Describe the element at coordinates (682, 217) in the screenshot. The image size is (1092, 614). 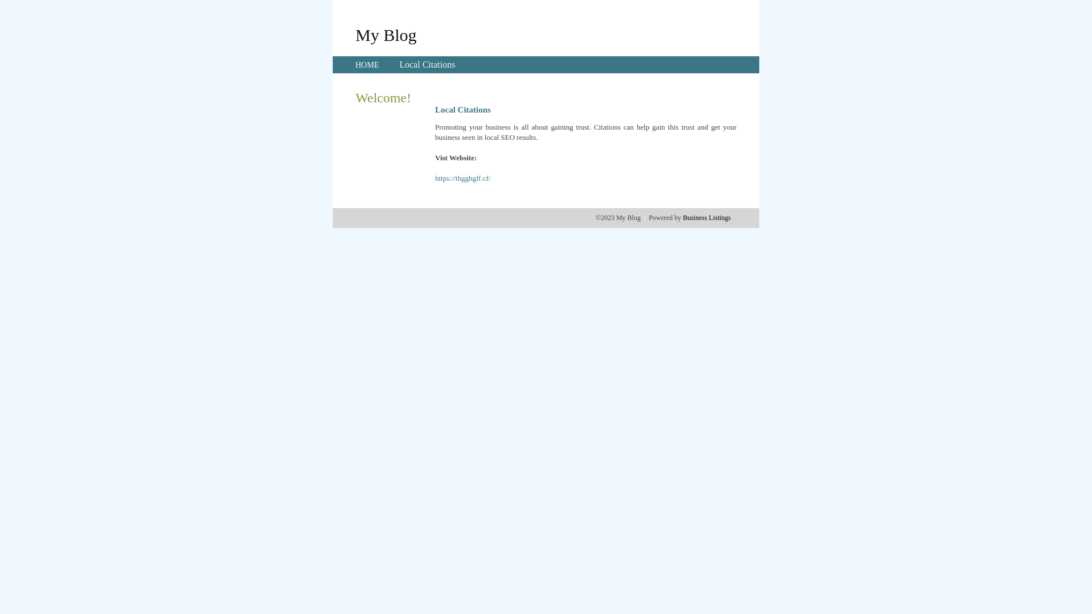
I see `'Business Listings'` at that location.